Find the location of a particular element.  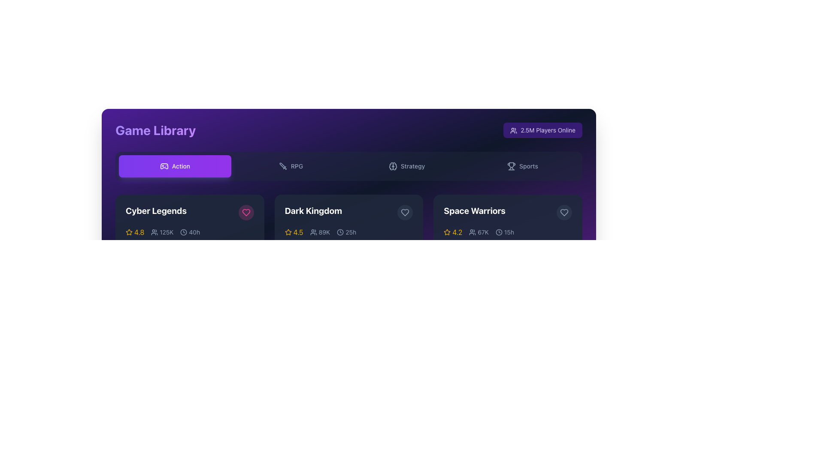

the design of the icon located in the toolbar on the left side, representing a category or functionality related to gaming or interactivity is located at coordinates (164, 166).